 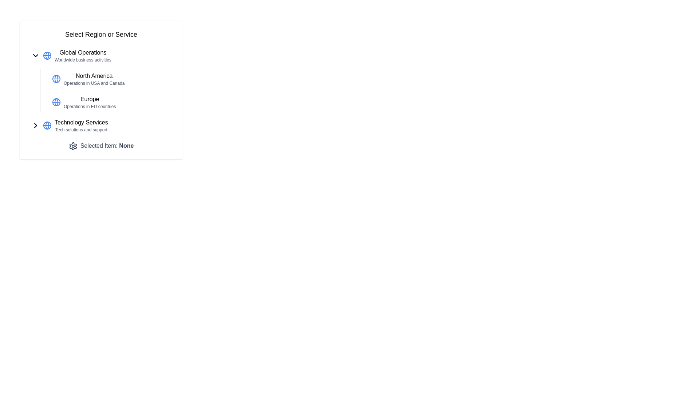 I want to click on the circular SVG element with a blue outline and white interior, positioned to the left of the 'Global Operations' text, so click(x=47, y=55).